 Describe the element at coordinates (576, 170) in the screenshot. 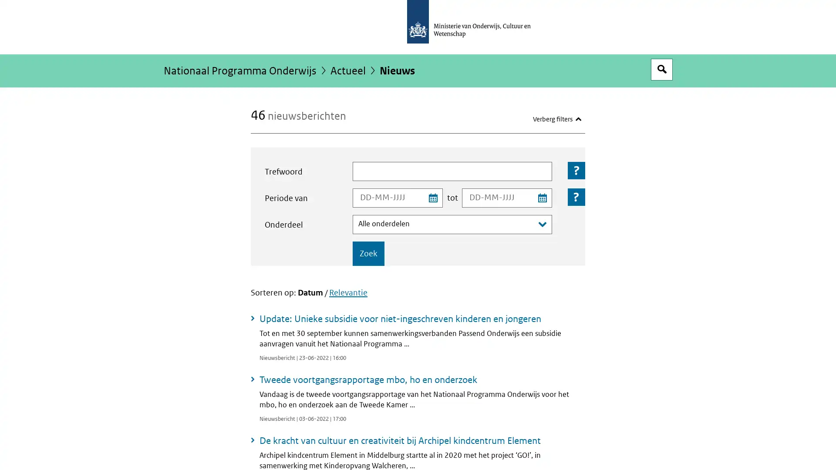

I see `Toelichting bij het veld: Trefwoord` at that location.